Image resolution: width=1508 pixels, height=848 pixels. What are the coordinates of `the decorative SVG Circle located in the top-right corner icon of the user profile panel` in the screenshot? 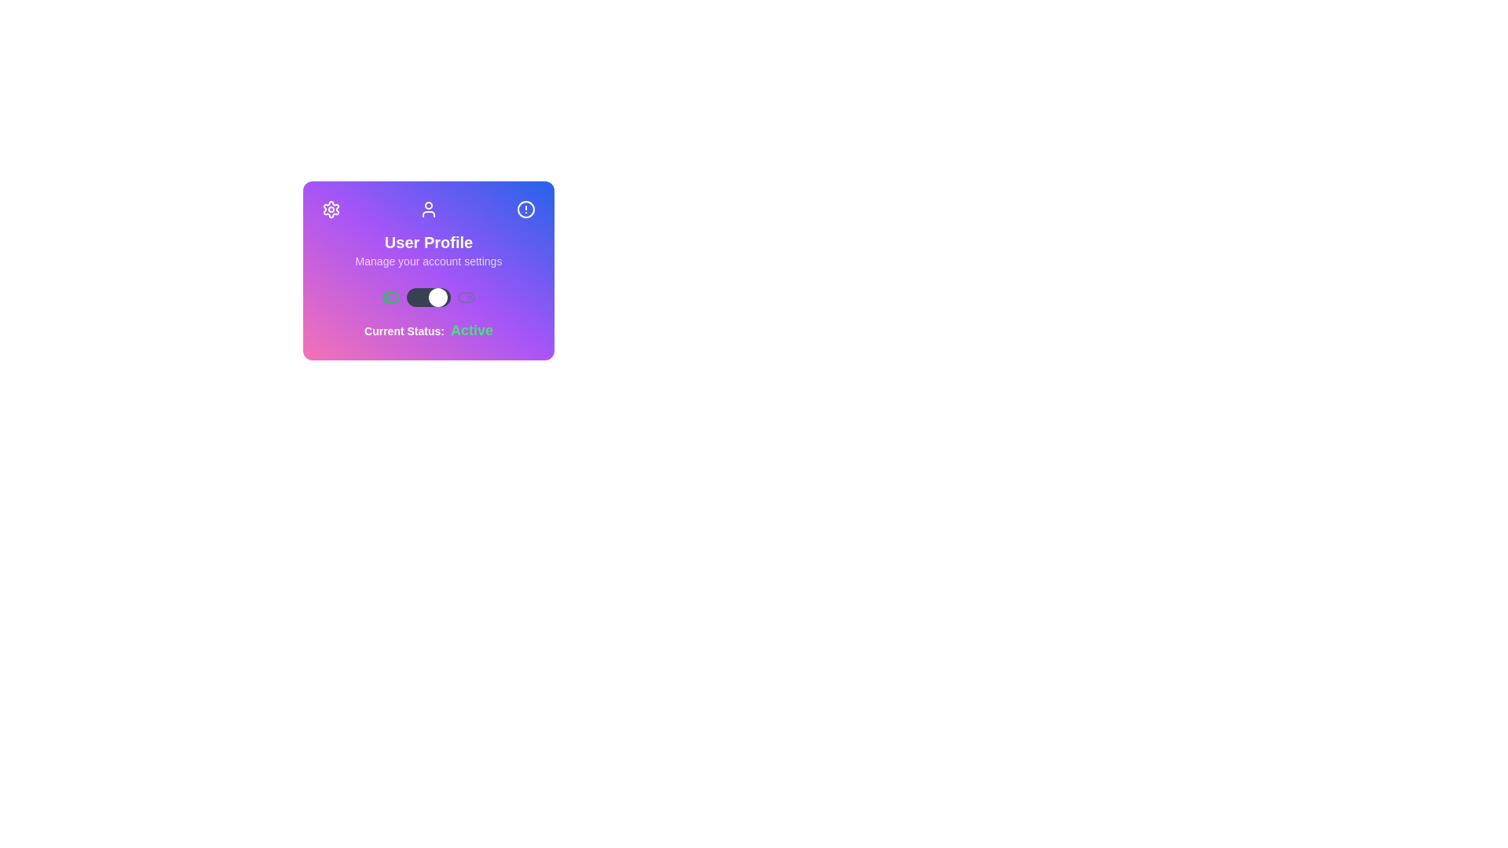 It's located at (526, 208).